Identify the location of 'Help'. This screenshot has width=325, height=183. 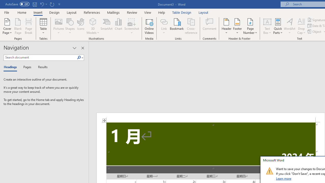
(161, 12).